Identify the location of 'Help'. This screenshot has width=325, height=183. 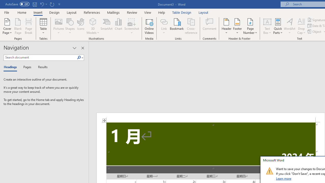
(161, 12).